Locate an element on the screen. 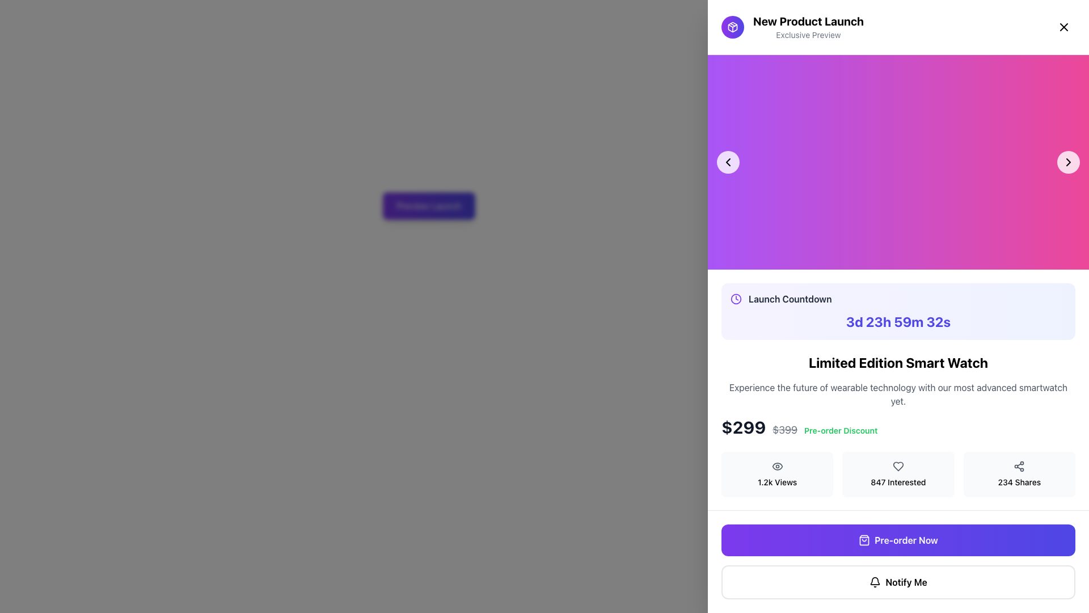 Image resolution: width=1089 pixels, height=613 pixels. the decorative icon located at the top-right section of the interface, near the 'New Product Launch' header, which is enclosed within a circular gradient background is located at coordinates (732, 26).